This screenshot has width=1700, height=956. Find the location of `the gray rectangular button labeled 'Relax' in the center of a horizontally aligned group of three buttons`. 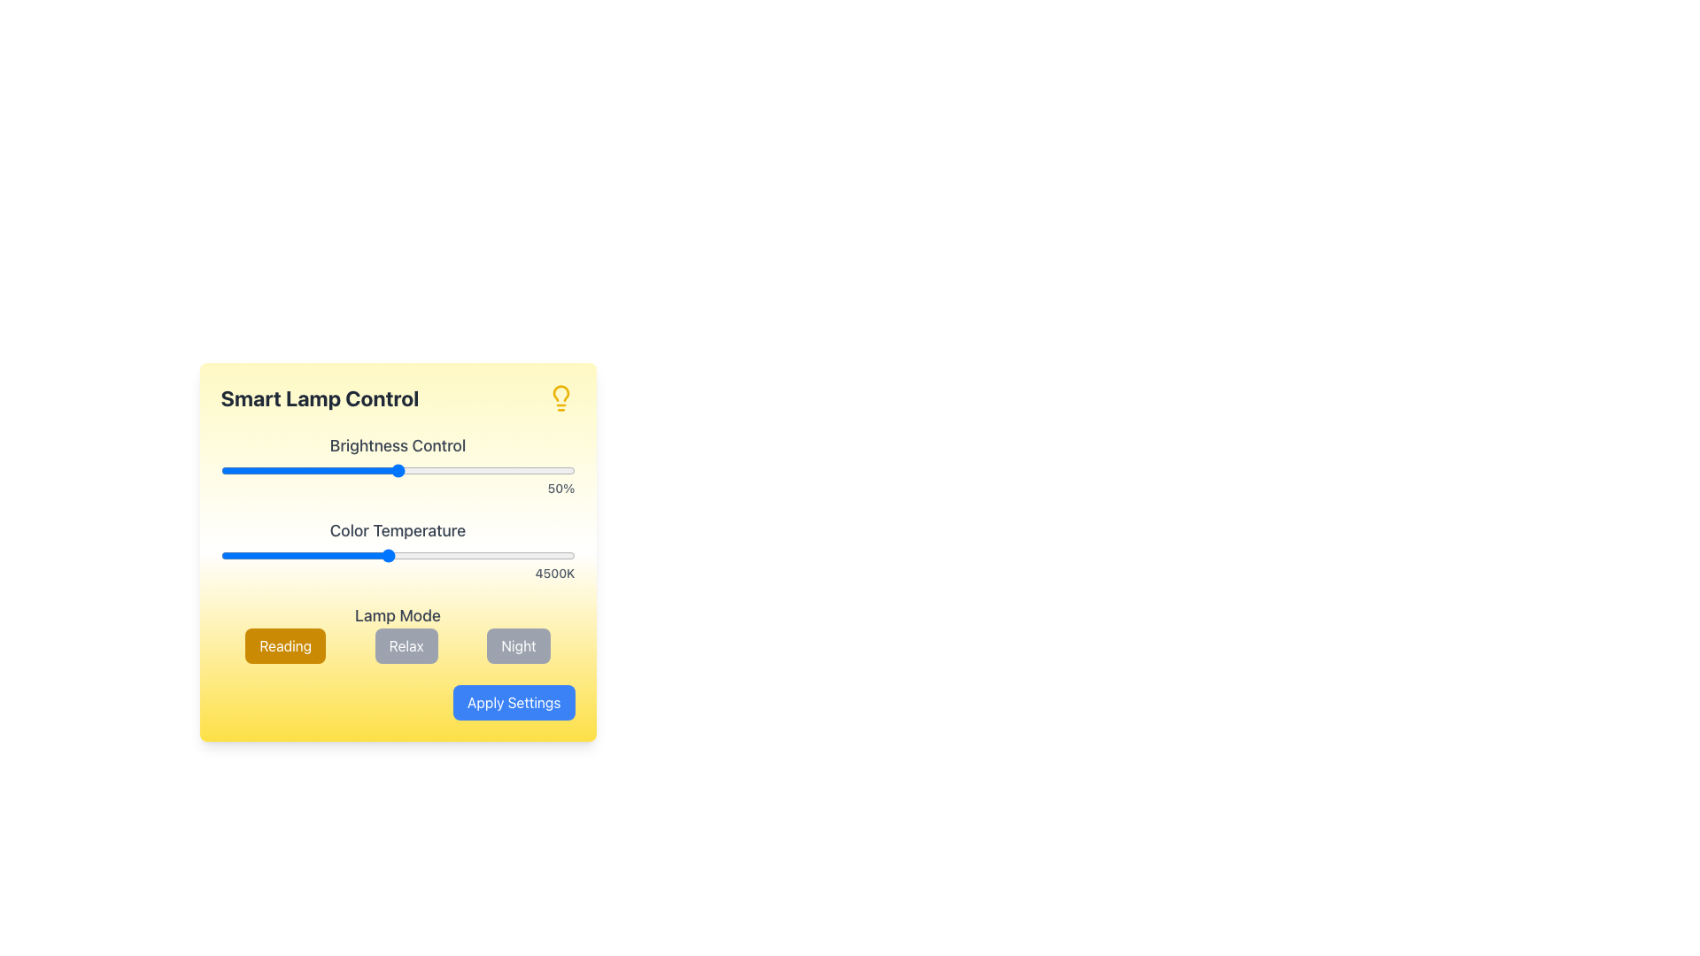

the gray rectangular button labeled 'Relax' in the center of a horizontally aligned group of three buttons is located at coordinates (406, 645).